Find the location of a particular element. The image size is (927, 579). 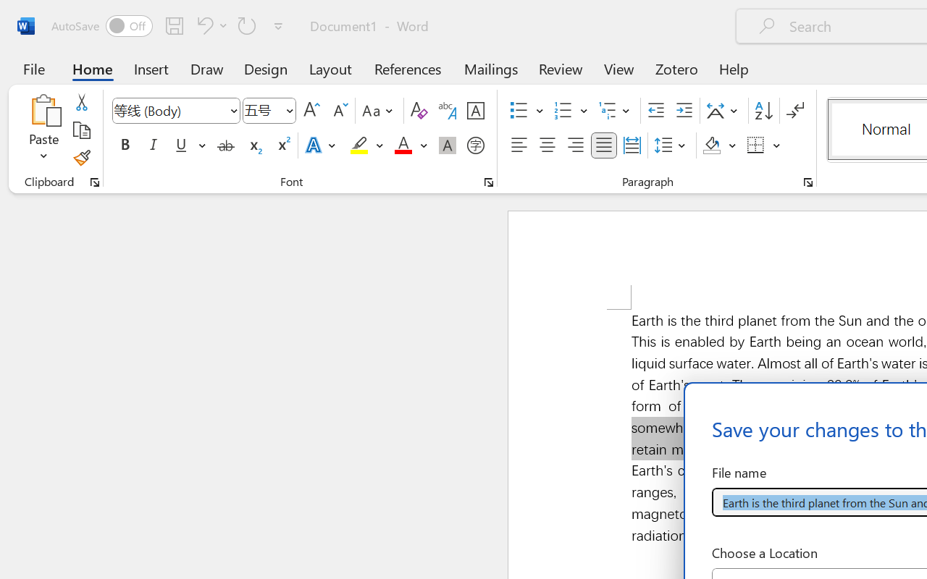

'Undo Paste Text Only' is located at coordinates (202, 25).